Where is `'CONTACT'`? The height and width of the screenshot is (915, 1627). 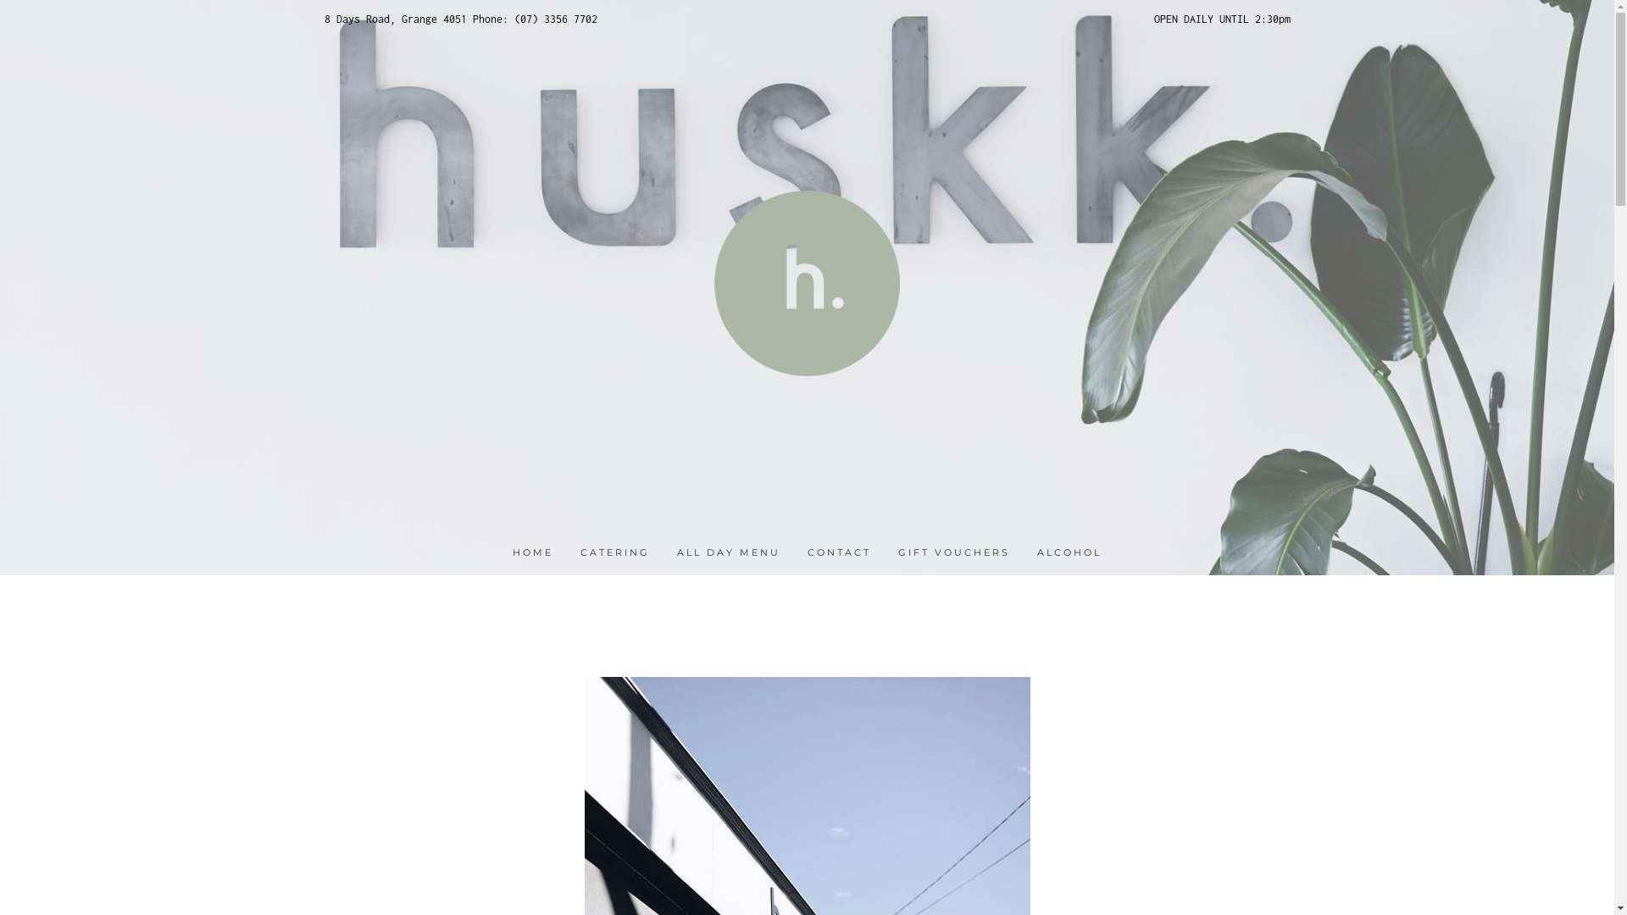 'CONTACT' is located at coordinates (807, 553).